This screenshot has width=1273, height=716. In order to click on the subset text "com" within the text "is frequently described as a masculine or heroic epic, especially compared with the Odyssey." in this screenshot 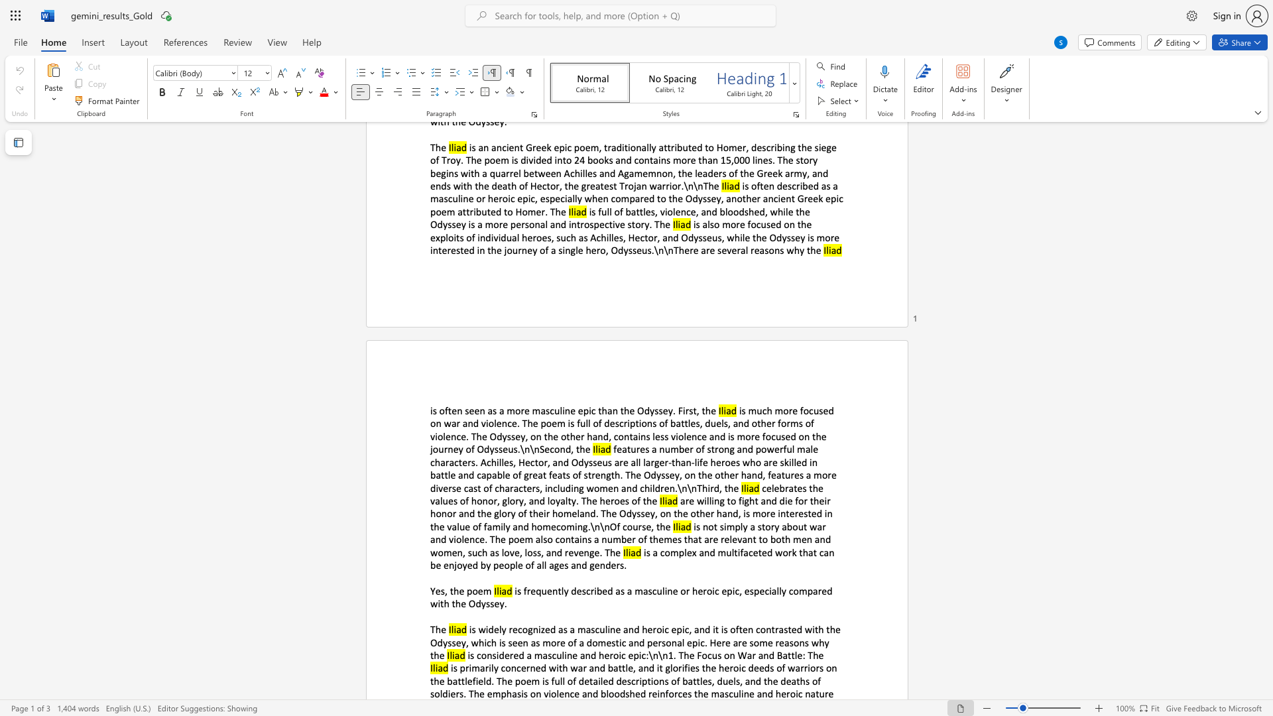, I will do `click(788, 590)`.